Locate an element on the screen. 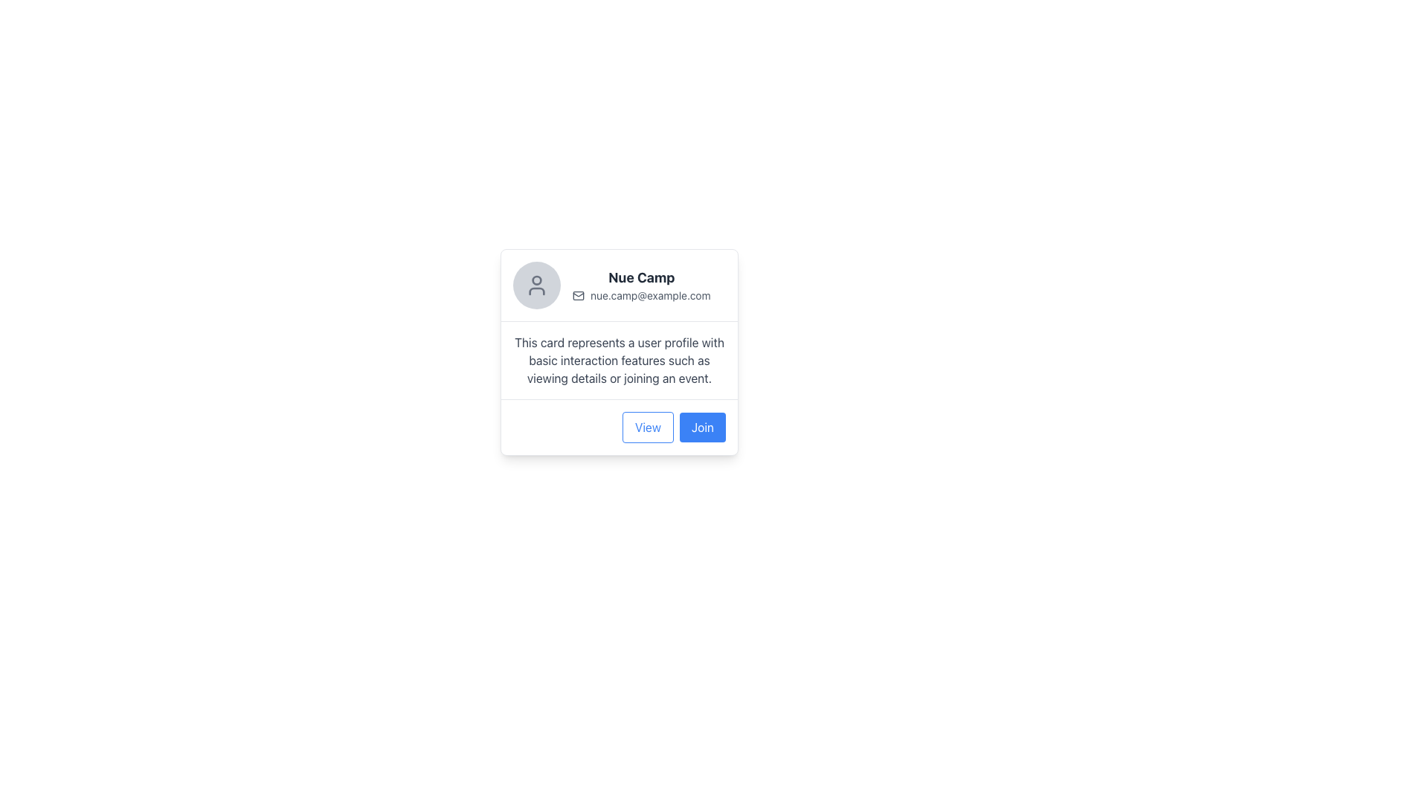  text block that contains 'This card represents a user profile with basic interaction features such as viewing details or joining an event.' which is styled in gray font and located below the user's name and email information within the profile card is located at coordinates (620, 361).